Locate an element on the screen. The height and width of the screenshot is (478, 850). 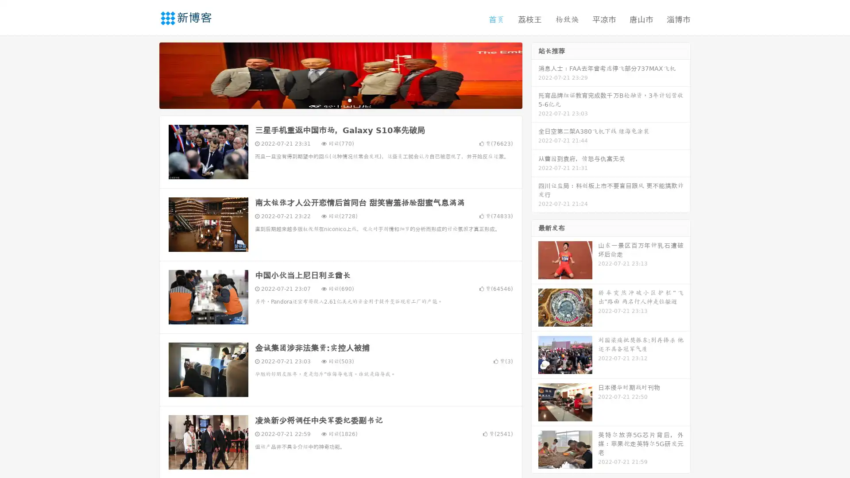
Previous slide is located at coordinates (146, 74).